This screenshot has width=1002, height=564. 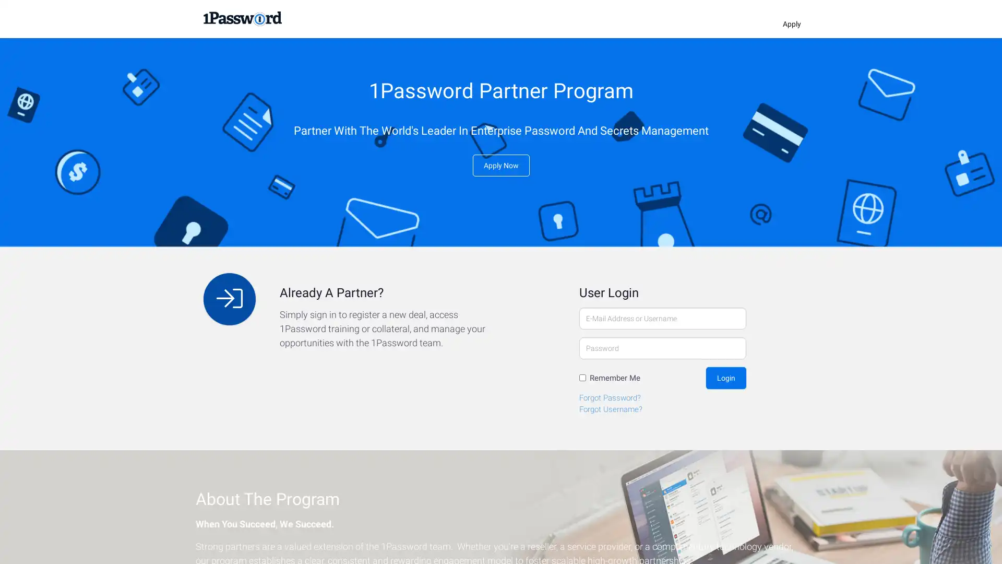 What do you see at coordinates (611, 408) in the screenshot?
I see `Forgot Username?` at bounding box center [611, 408].